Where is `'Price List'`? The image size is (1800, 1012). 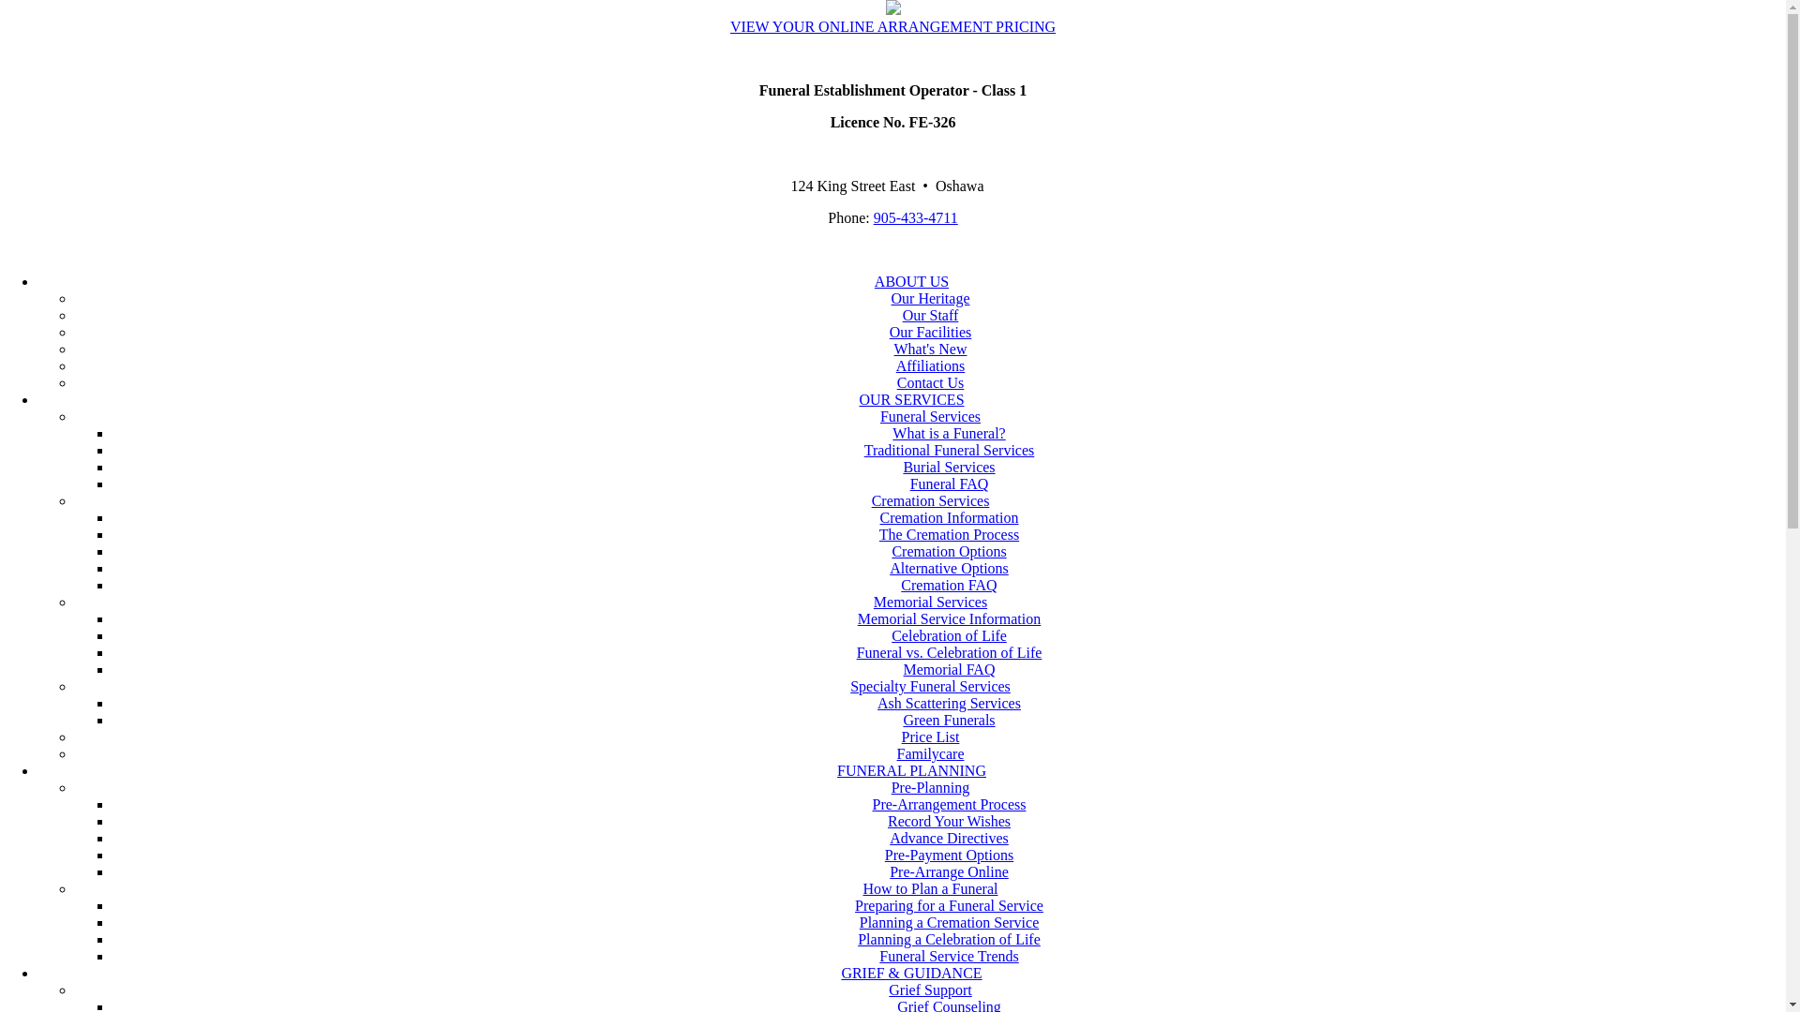
'Price List' is located at coordinates (901, 736).